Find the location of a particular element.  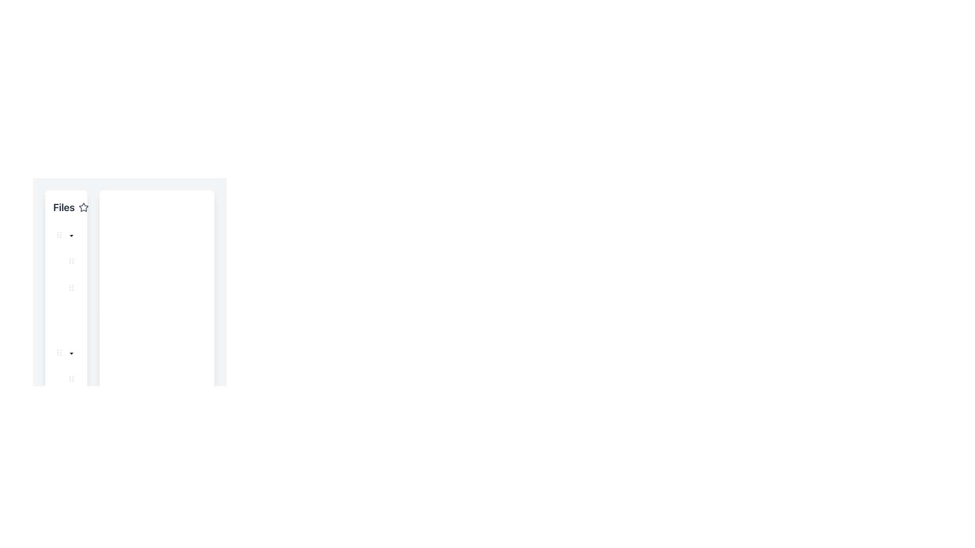

the Dropdown toggle button (visualized as a downward triangle) in the collapsible tree structure menu to receive visual feedback is located at coordinates (71, 236).